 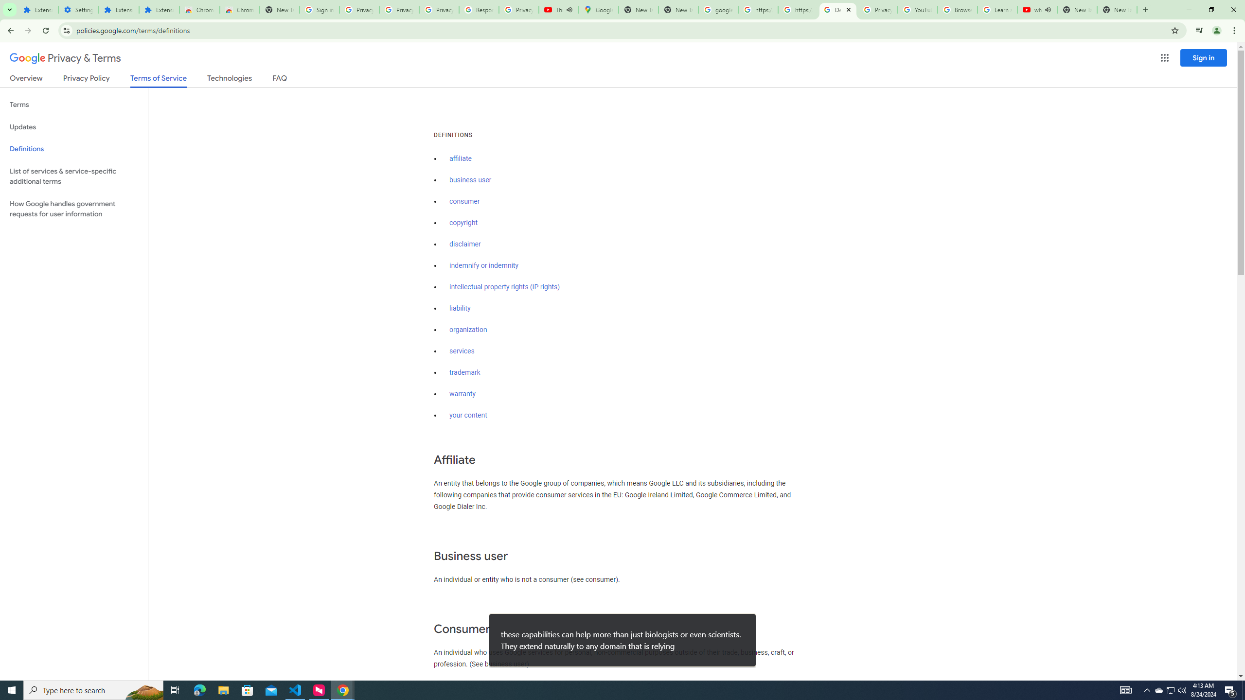 What do you see at coordinates (73, 175) in the screenshot?
I see `'List of services & service-specific additional terms'` at bounding box center [73, 175].